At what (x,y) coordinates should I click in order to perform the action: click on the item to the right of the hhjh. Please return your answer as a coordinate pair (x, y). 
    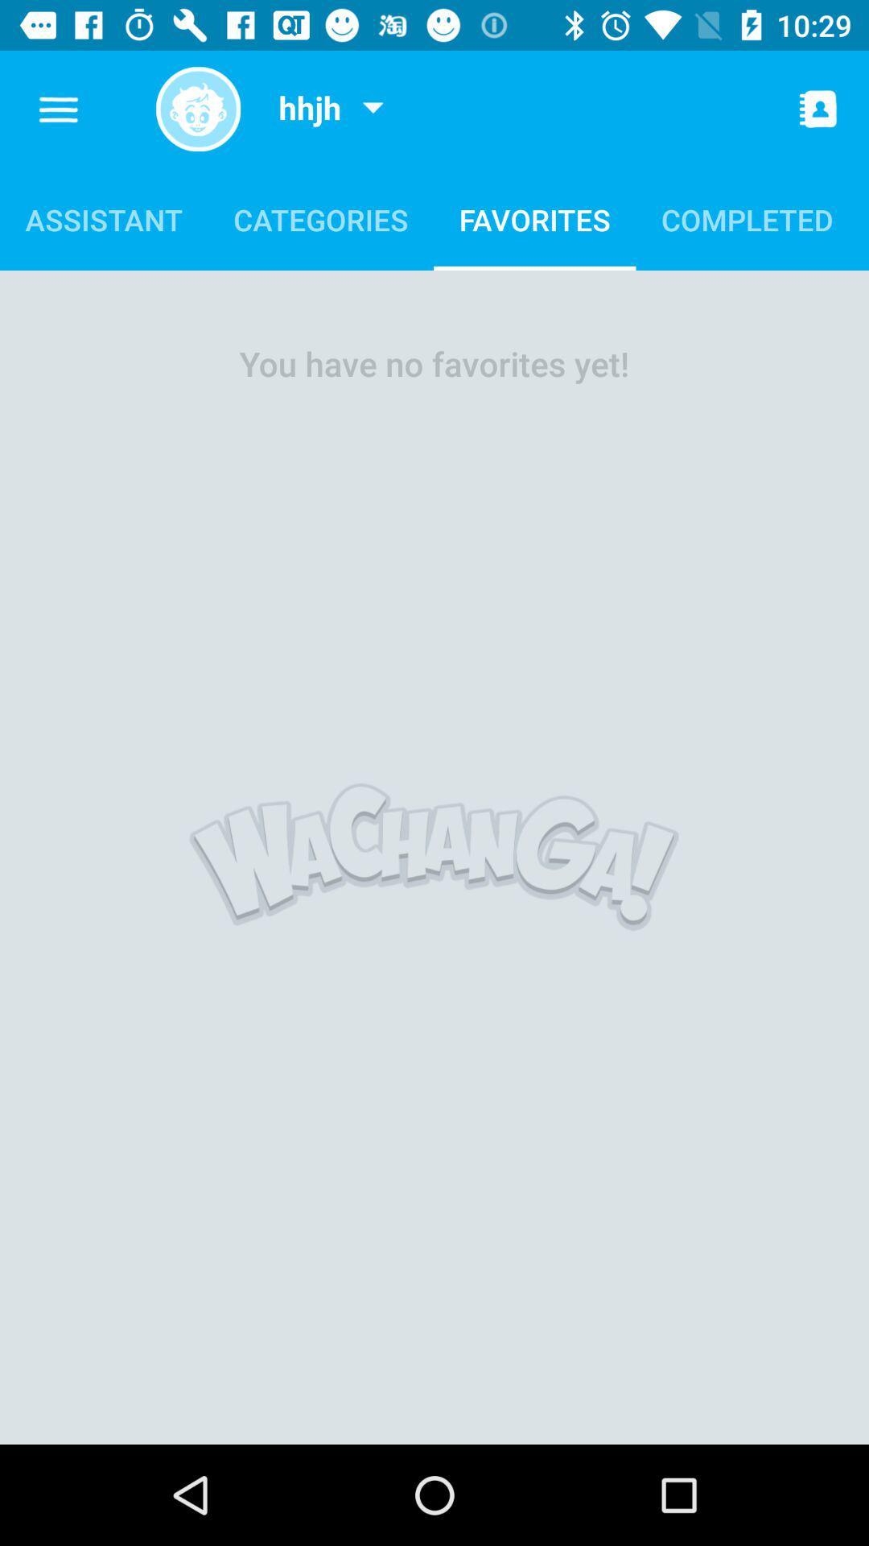
    Looking at the image, I should click on (373, 109).